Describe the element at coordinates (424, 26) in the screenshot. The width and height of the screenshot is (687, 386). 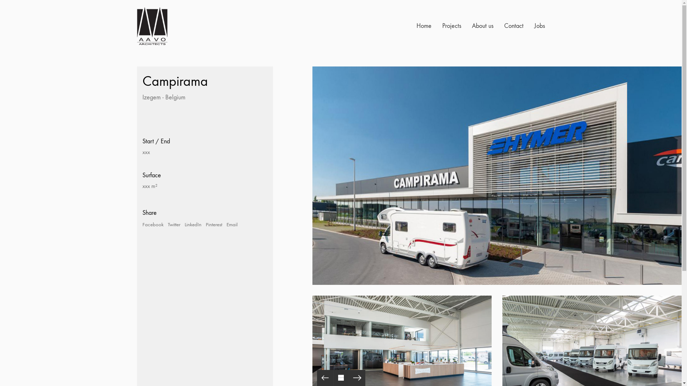
I see `'Home'` at that location.